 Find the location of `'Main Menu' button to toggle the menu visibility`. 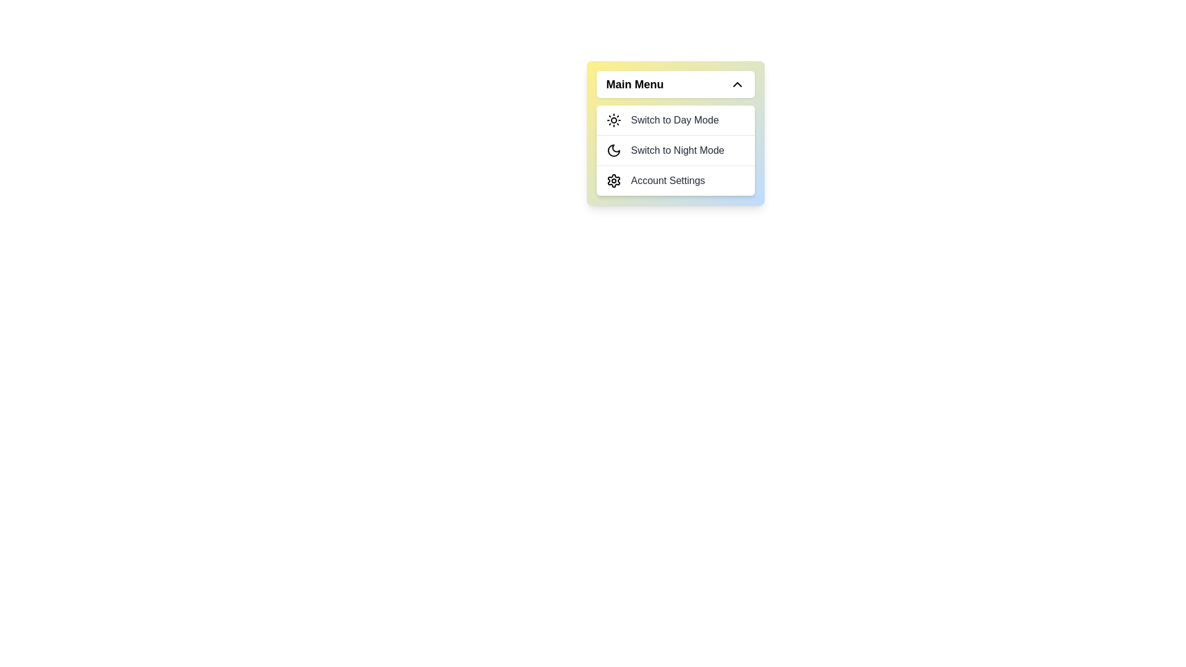

'Main Menu' button to toggle the menu visibility is located at coordinates (675, 84).